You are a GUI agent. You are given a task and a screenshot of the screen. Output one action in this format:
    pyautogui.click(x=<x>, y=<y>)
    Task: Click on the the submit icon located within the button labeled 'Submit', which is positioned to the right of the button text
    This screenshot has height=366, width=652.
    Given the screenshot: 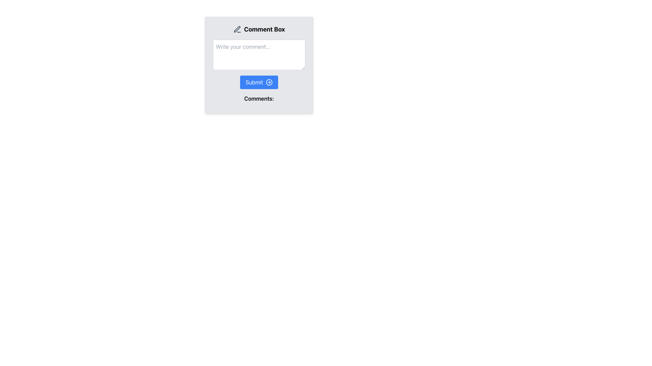 What is the action you would take?
    pyautogui.click(x=269, y=82)
    